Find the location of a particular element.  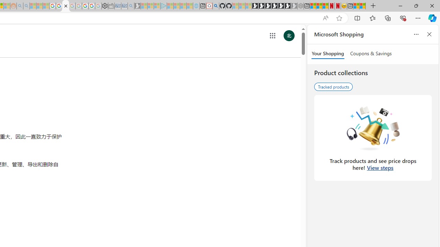

'Wildlife - MSN' is located at coordinates (356, 6).